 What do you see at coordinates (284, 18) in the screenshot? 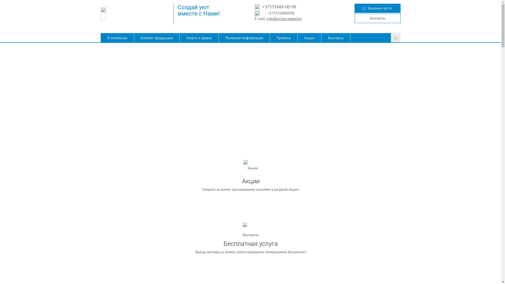
I see `'info@prima-mebel.by'` at bounding box center [284, 18].